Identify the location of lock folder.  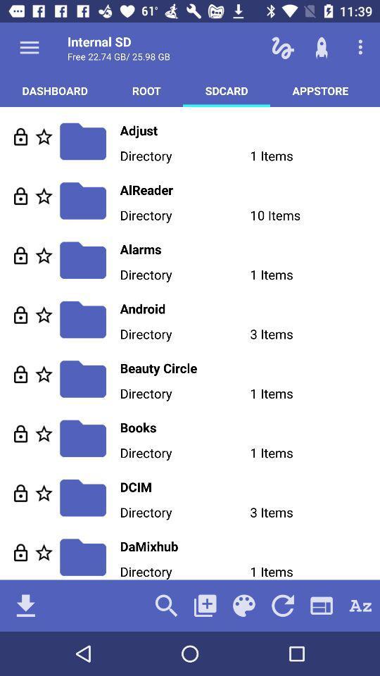
(20, 433).